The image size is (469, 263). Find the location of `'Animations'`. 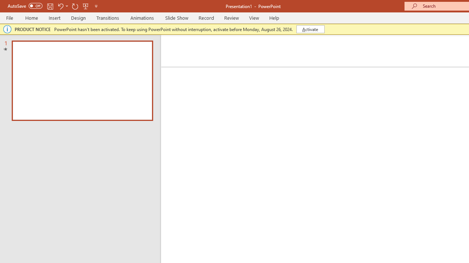

'Animations' is located at coordinates (142, 18).